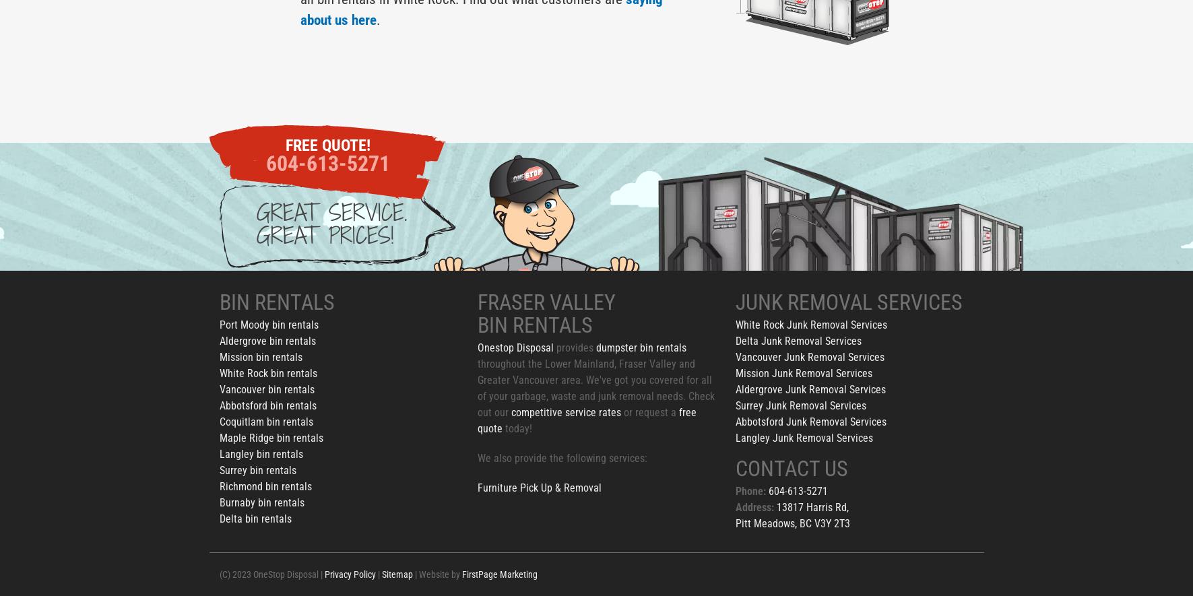 The width and height of the screenshot is (1193, 596). I want to click on 'Langley Junk Removal Services', so click(734, 438).